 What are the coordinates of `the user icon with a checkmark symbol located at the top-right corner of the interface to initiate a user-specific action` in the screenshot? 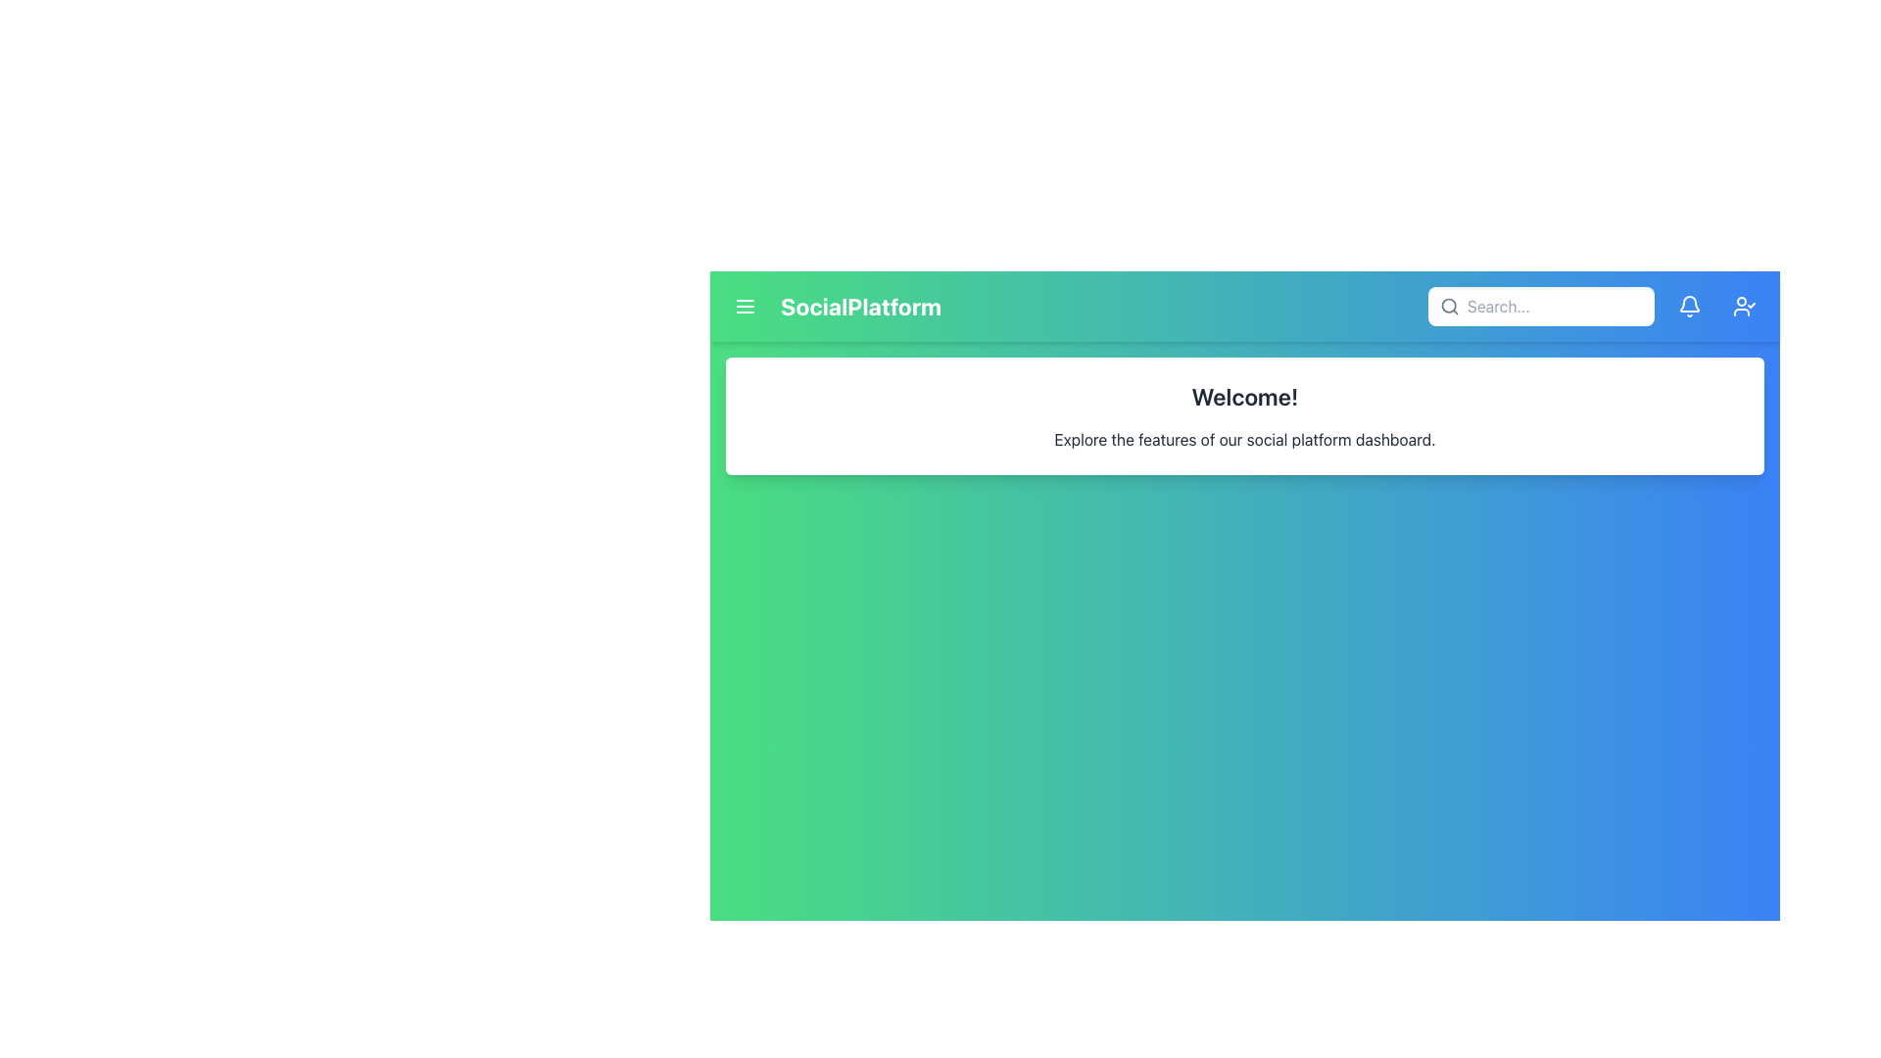 It's located at (1744, 306).